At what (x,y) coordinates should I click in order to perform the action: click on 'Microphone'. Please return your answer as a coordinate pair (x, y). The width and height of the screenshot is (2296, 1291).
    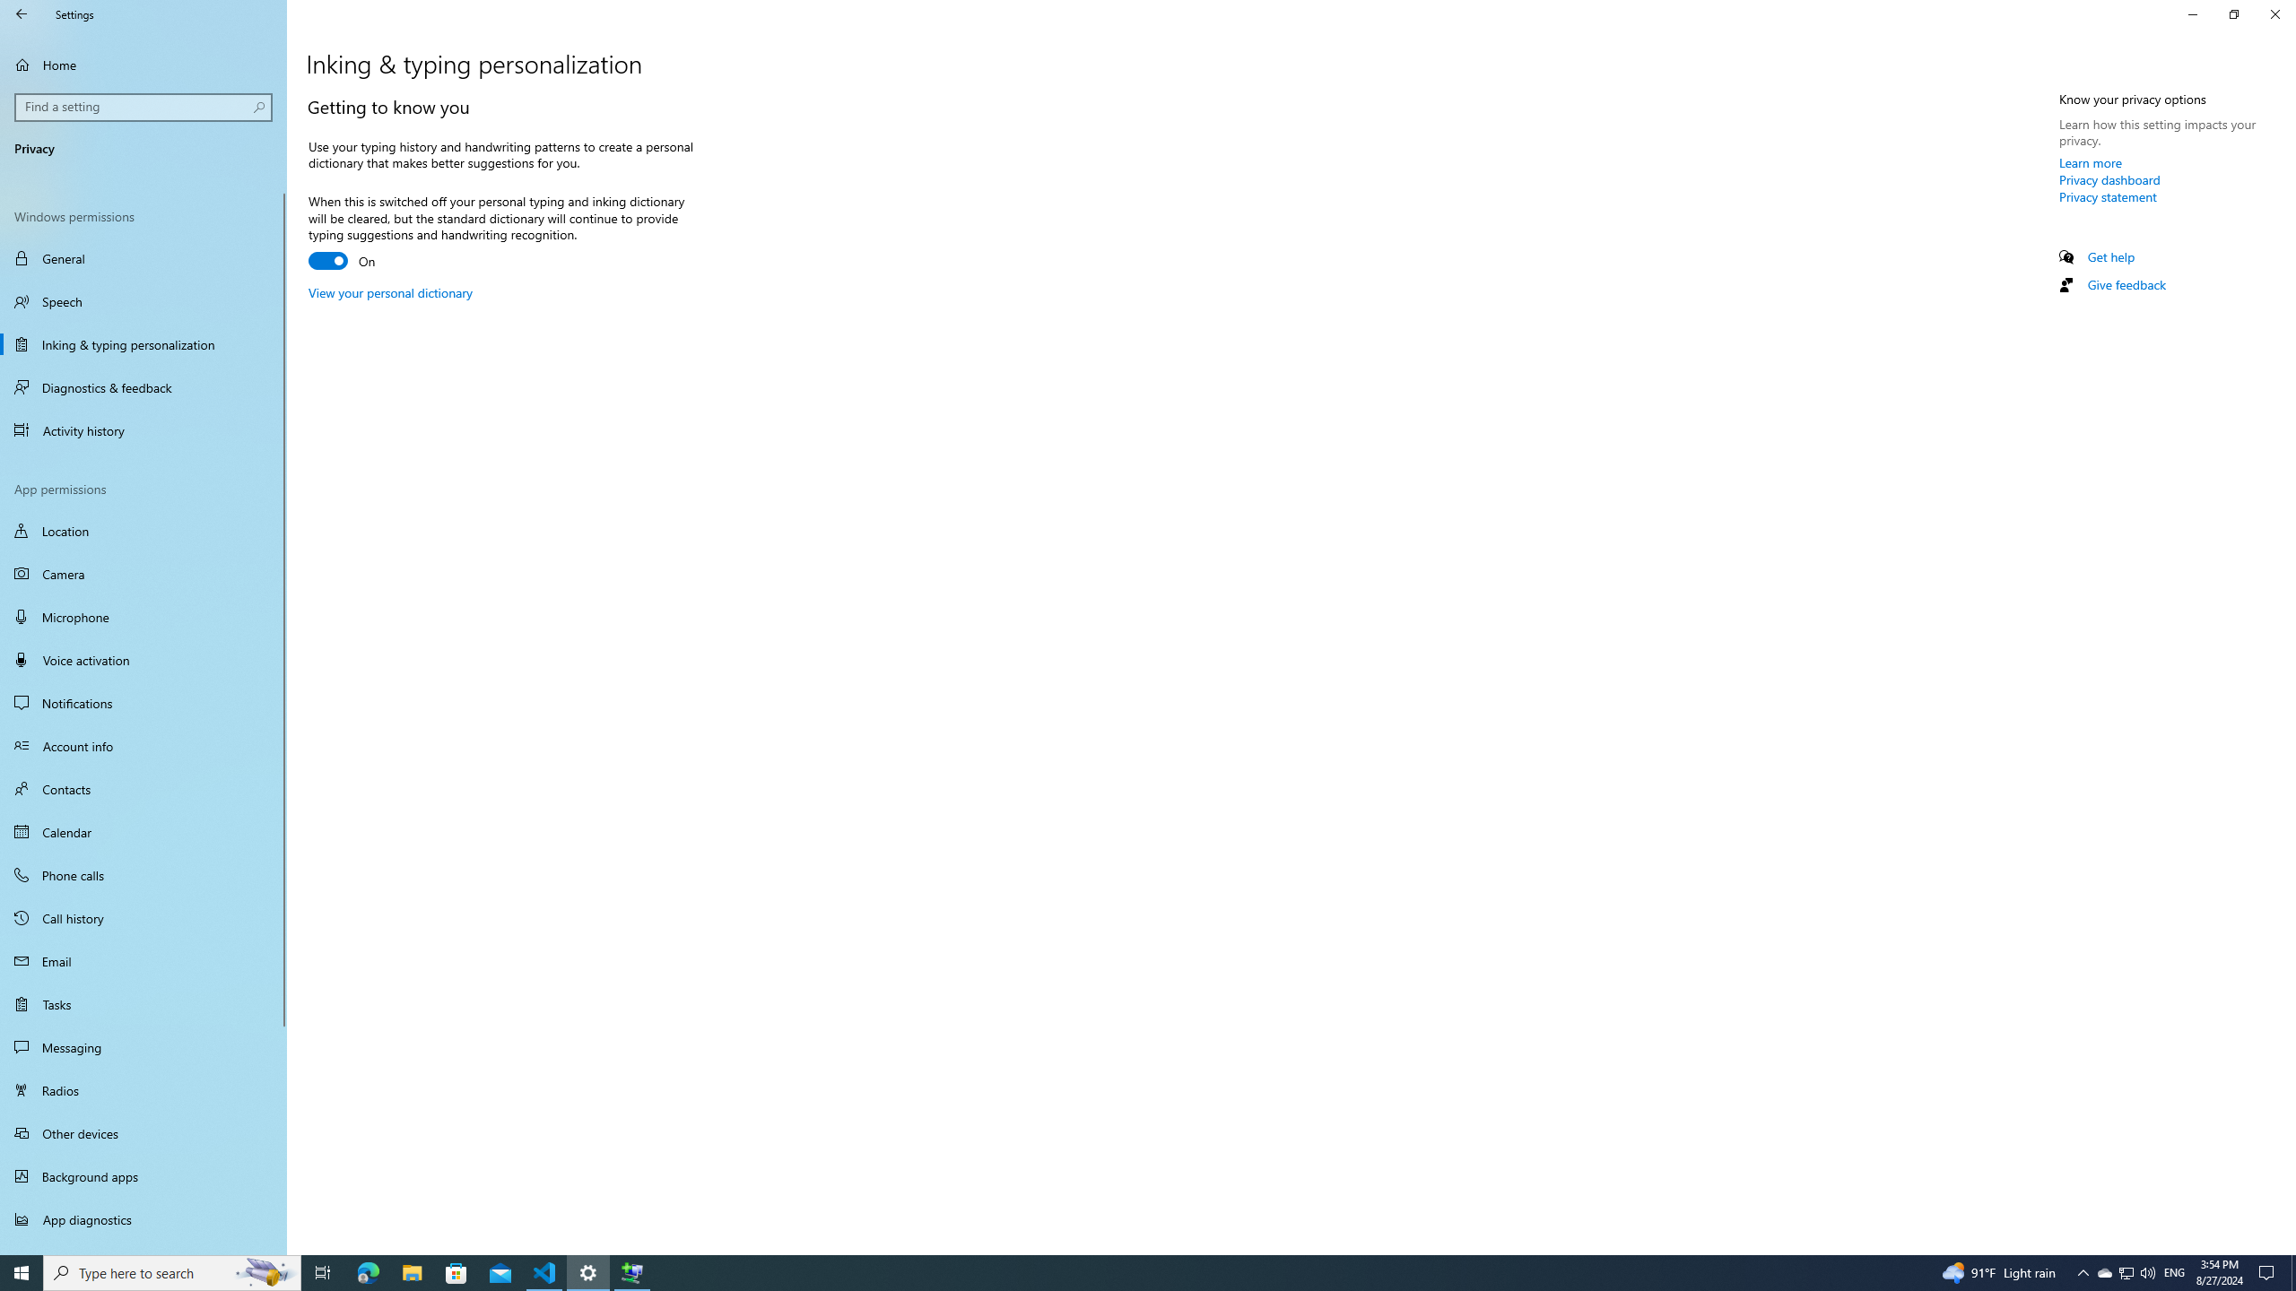
    Looking at the image, I should click on (143, 615).